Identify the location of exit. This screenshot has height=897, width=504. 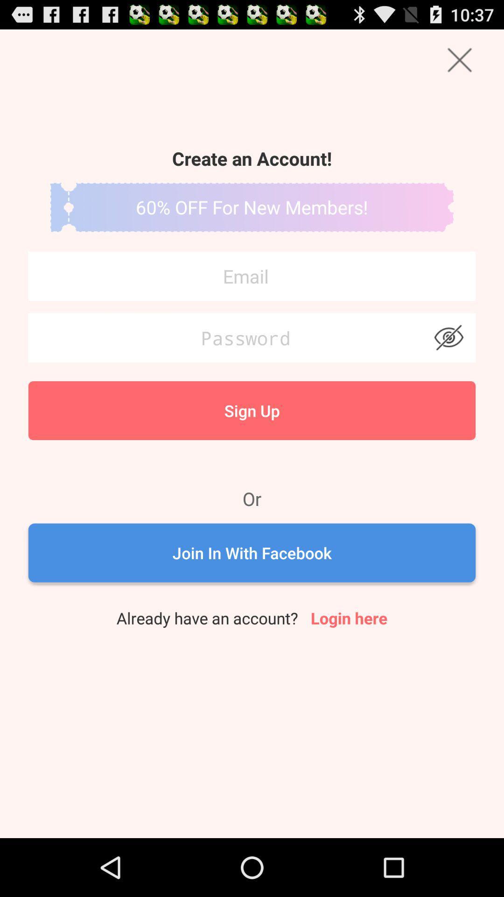
(459, 59).